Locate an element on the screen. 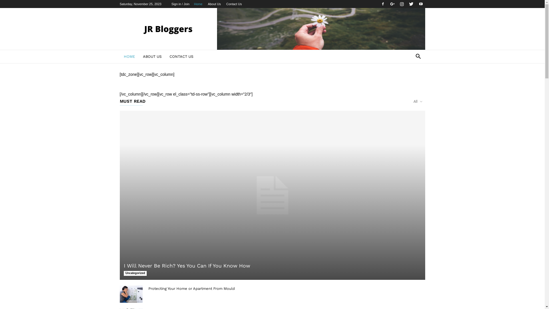  'Contact Us' is located at coordinates (234, 4).